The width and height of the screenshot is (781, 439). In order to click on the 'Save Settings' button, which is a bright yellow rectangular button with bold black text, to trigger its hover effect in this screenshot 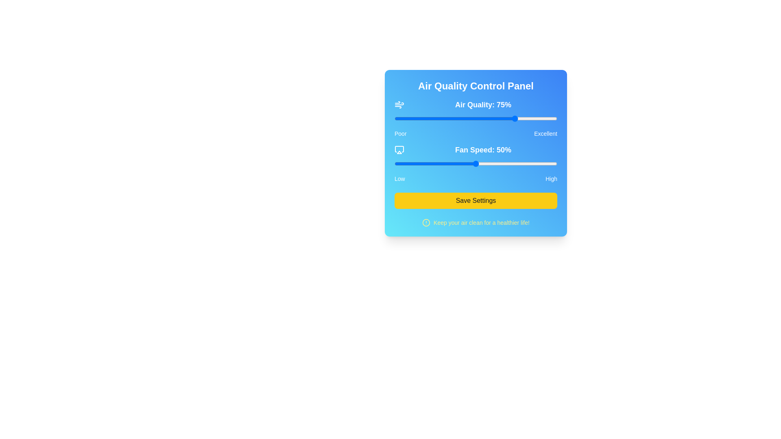, I will do `click(476, 200)`.